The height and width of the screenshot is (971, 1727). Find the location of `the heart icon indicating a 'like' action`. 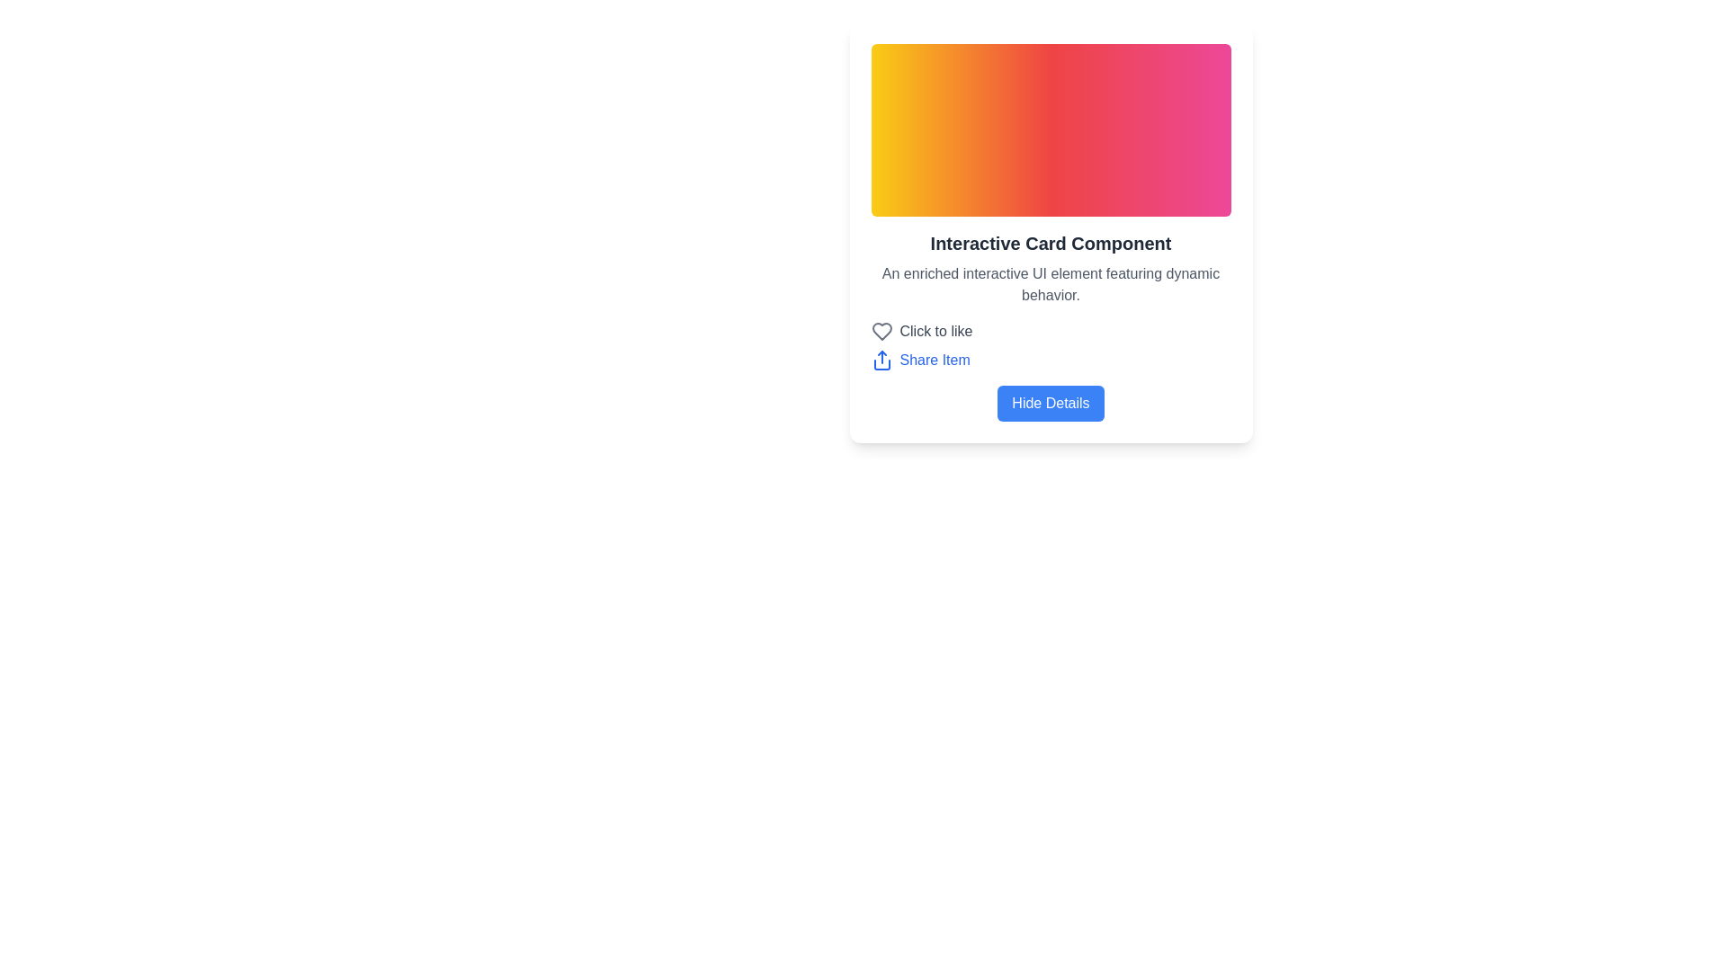

the heart icon indicating a 'like' action is located at coordinates (881, 332).